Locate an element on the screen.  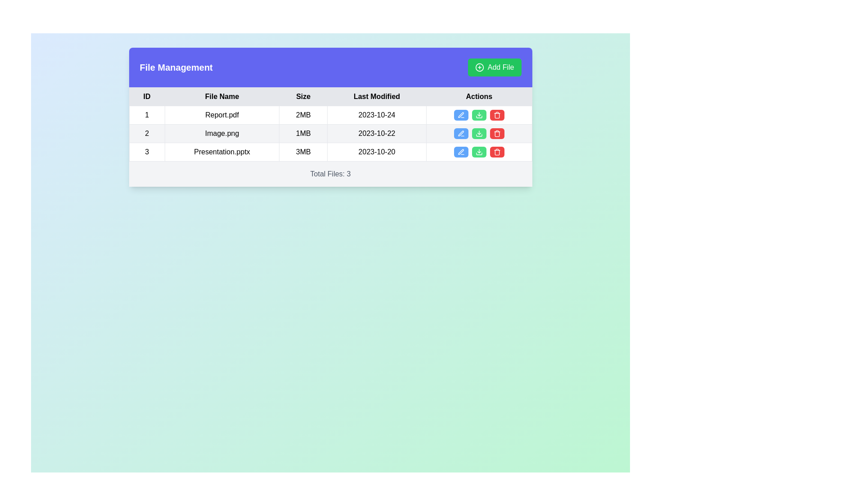
the text display indicating the last modification date of the file 'Presentation.pptx' in the fourth cell of the third row of the table is located at coordinates (377, 152).